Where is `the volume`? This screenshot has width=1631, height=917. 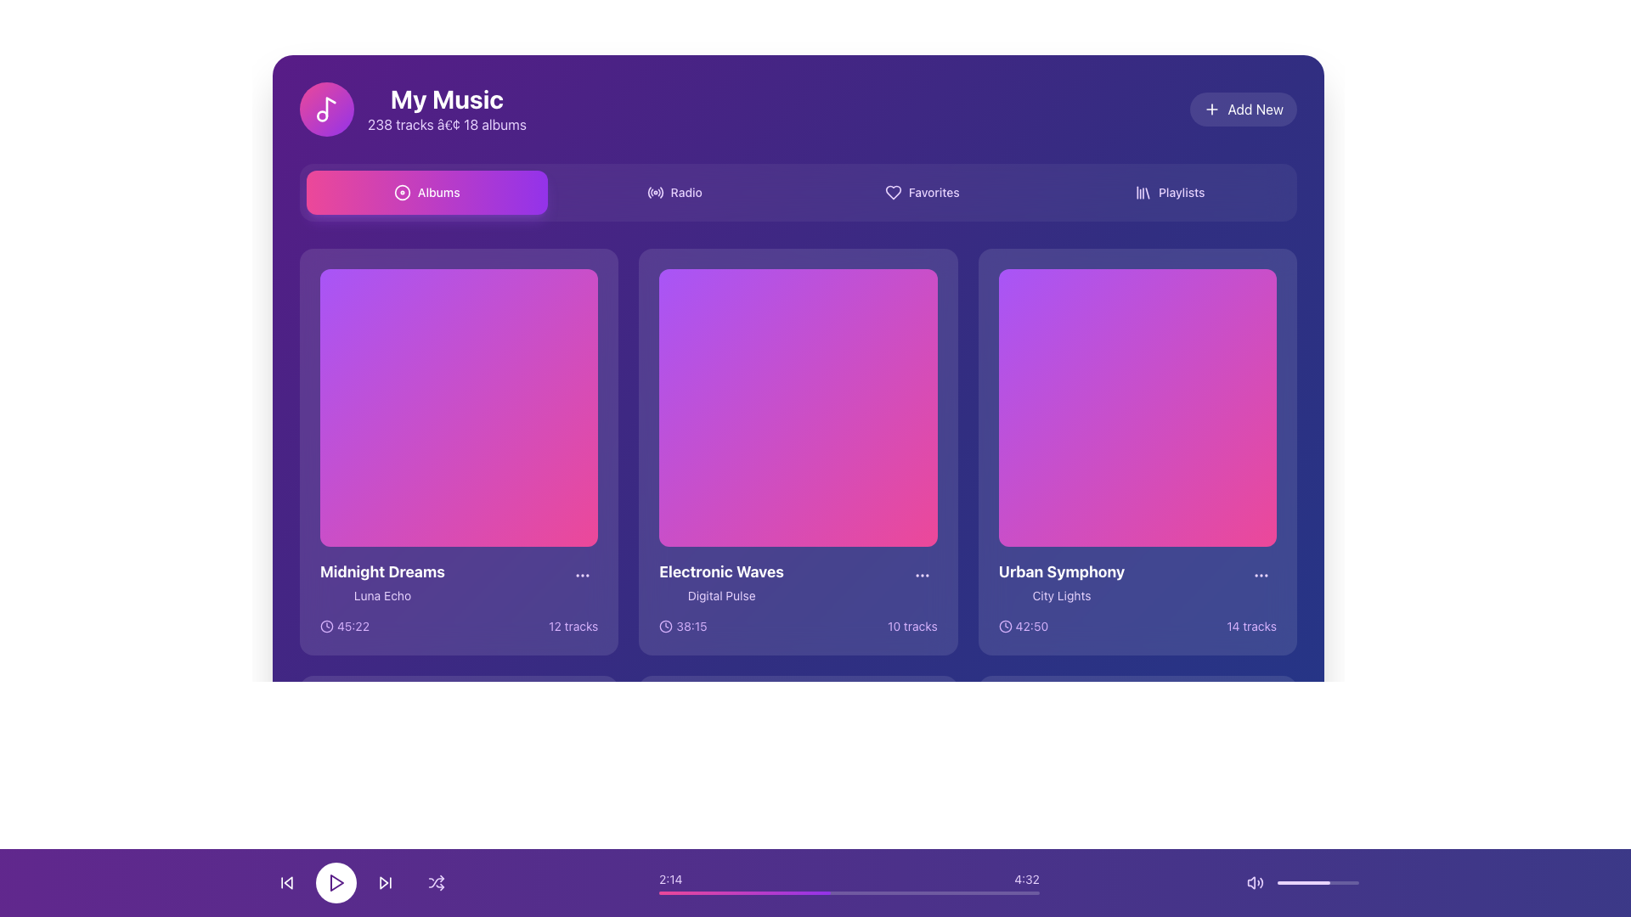 the volume is located at coordinates (1326, 882).